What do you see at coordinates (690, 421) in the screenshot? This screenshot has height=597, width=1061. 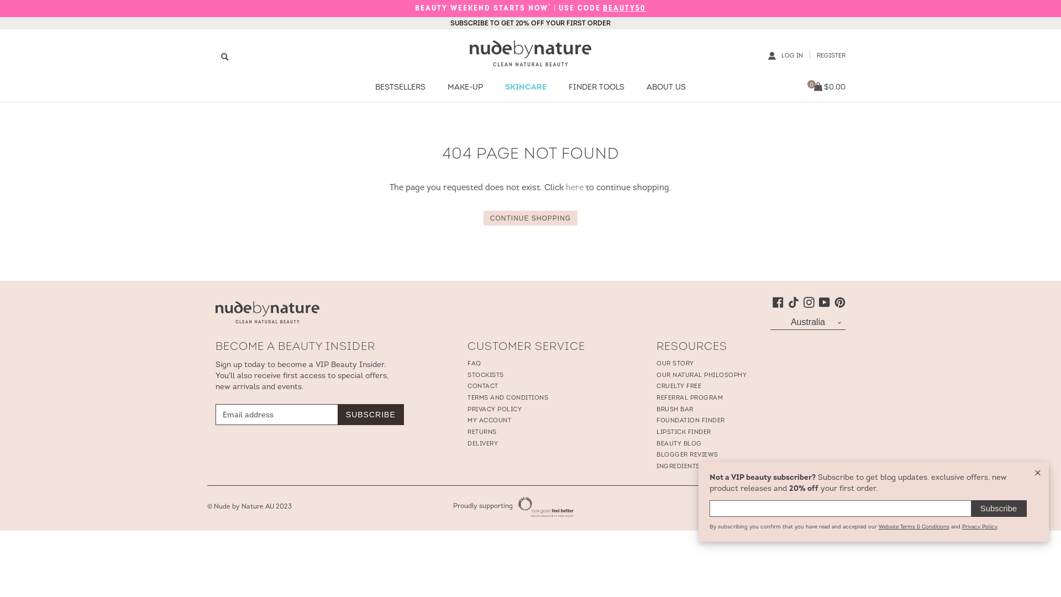 I see `'FOUNDATION FINDER'` at bounding box center [690, 421].